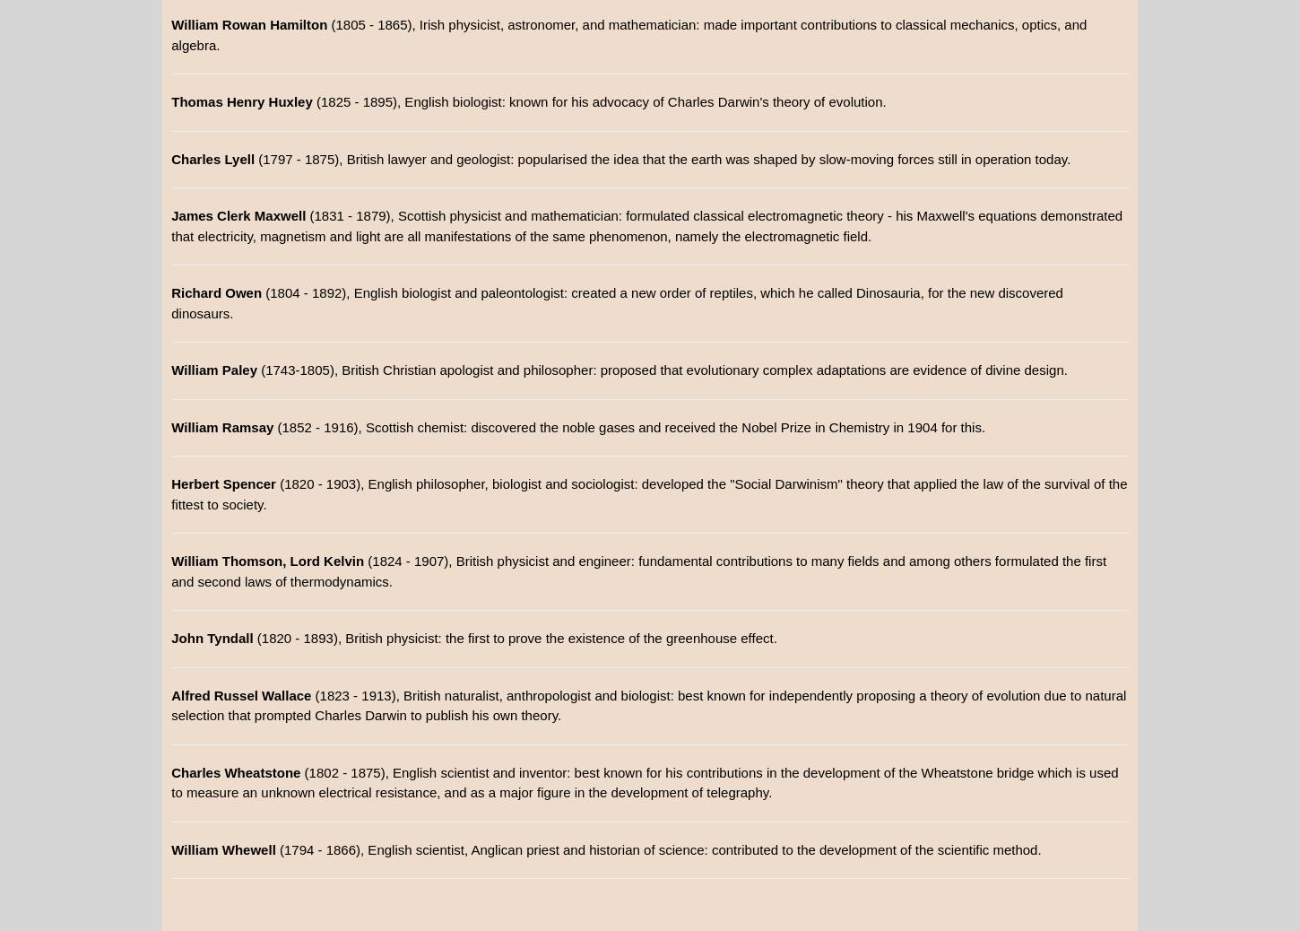 This screenshot has width=1300, height=931. What do you see at coordinates (647, 492) in the screenshot?
I see `'(1820 - 1903), English philosopher, biologist and sociologist: developed the "Social Darwinism" theory that applied the law of the survival of the fittest to society.'` at bounding box center [647, 492].